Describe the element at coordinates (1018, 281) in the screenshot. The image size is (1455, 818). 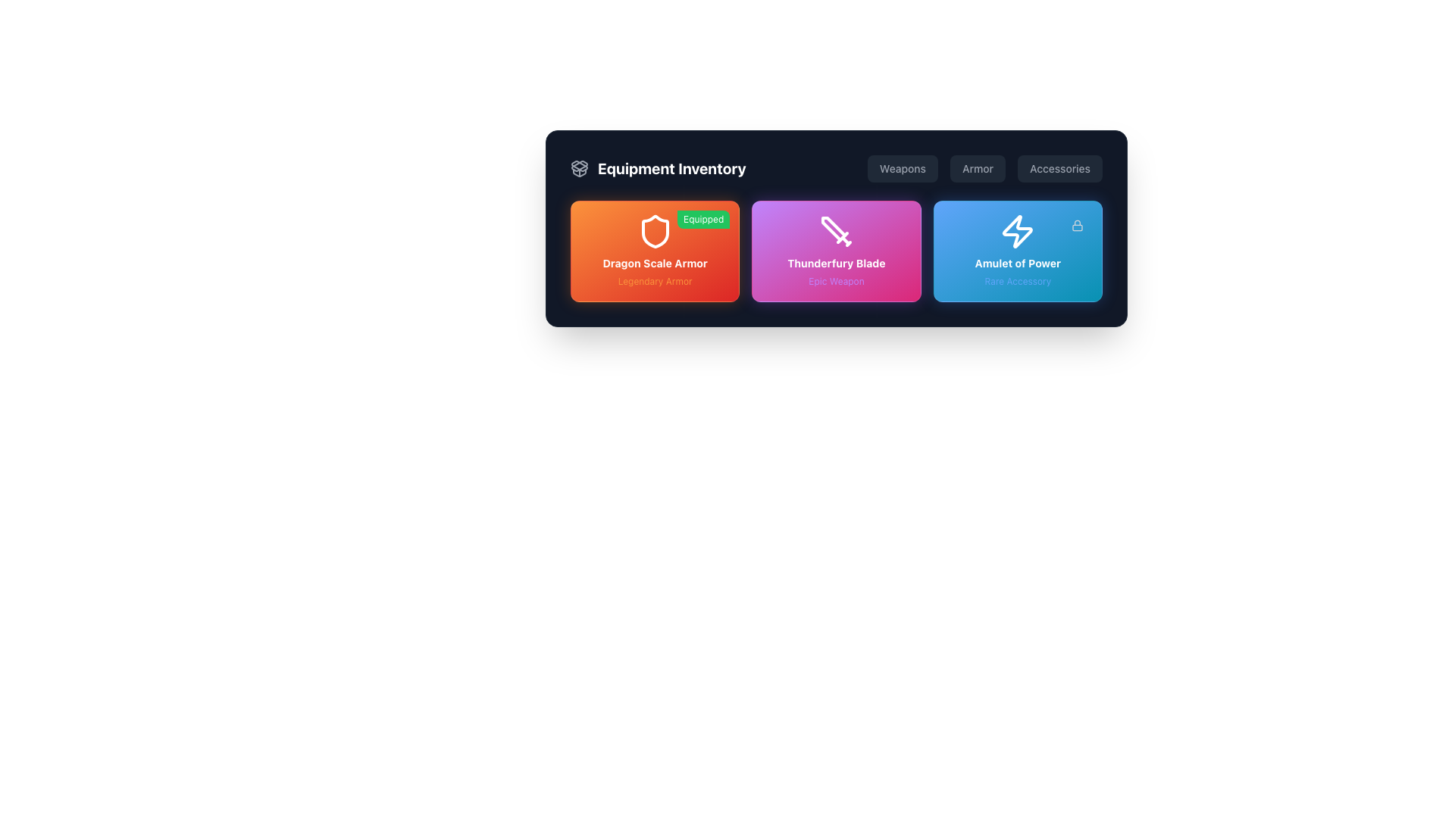
I see `the text label displaying 'Rare Accessory' which is located below the 'Amulet of Power' title in the inventory grid's third column` at that location.